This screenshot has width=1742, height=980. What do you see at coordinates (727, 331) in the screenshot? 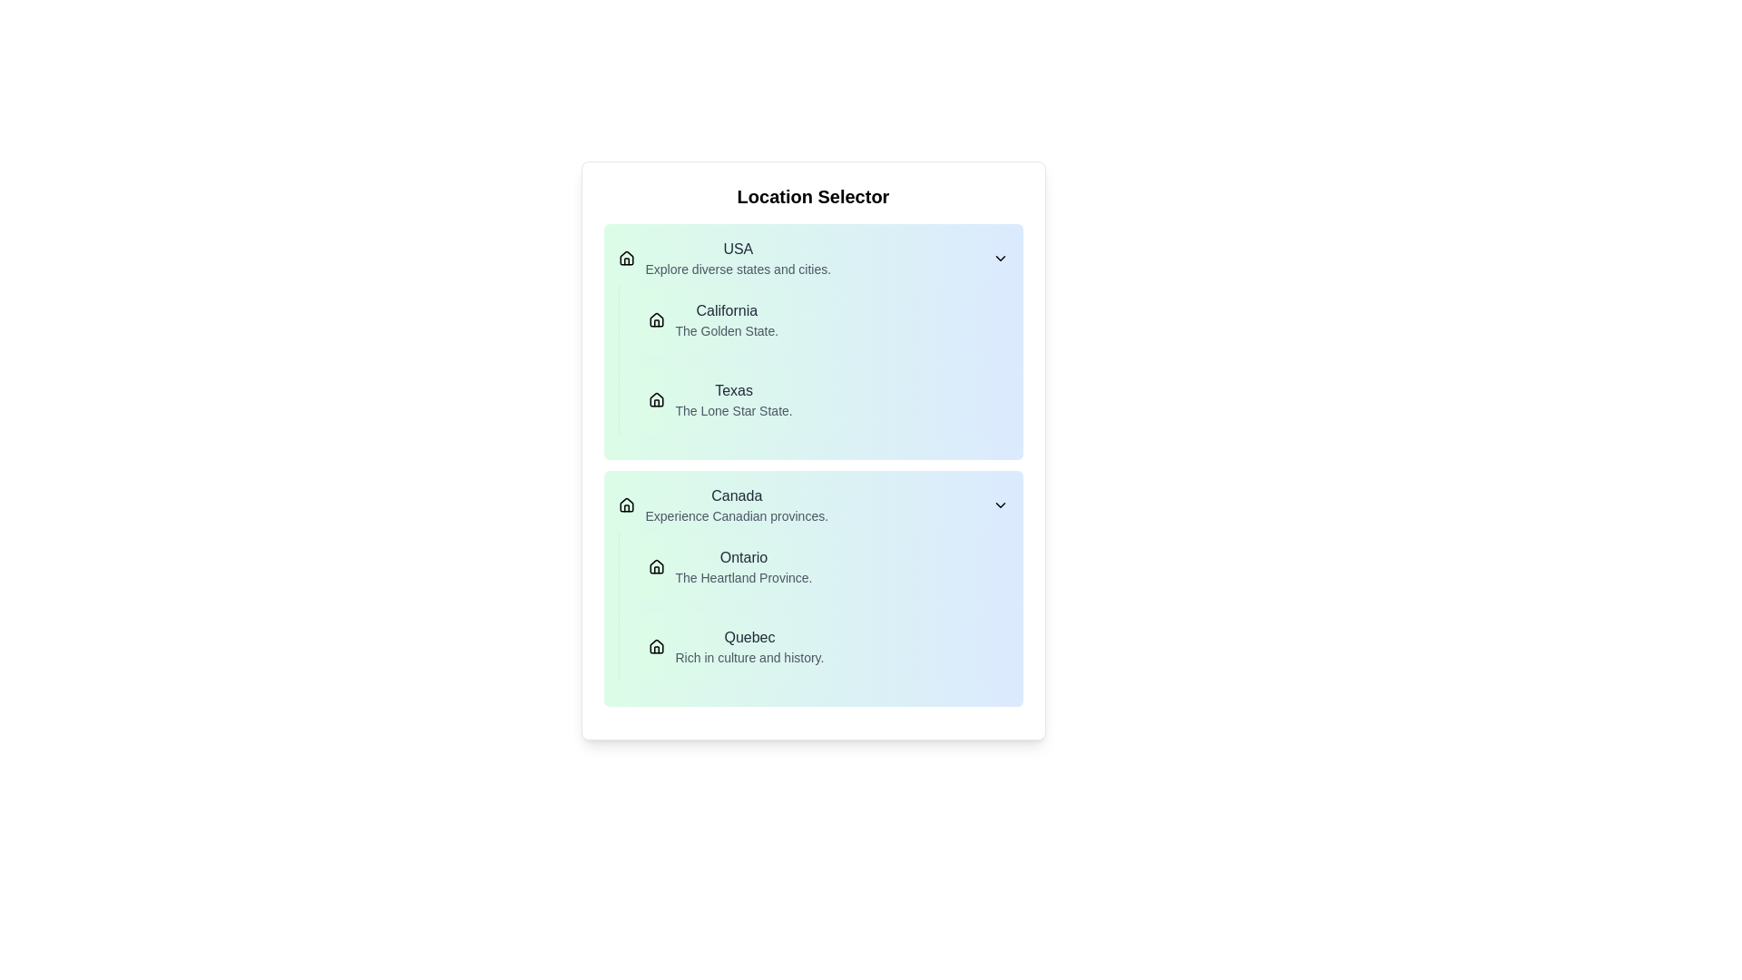
I see `the text label reading 'The Golden State.' which is located directly beneath 'California' in the USA section of the Location Selector interface` at bounding box center [727, 331].